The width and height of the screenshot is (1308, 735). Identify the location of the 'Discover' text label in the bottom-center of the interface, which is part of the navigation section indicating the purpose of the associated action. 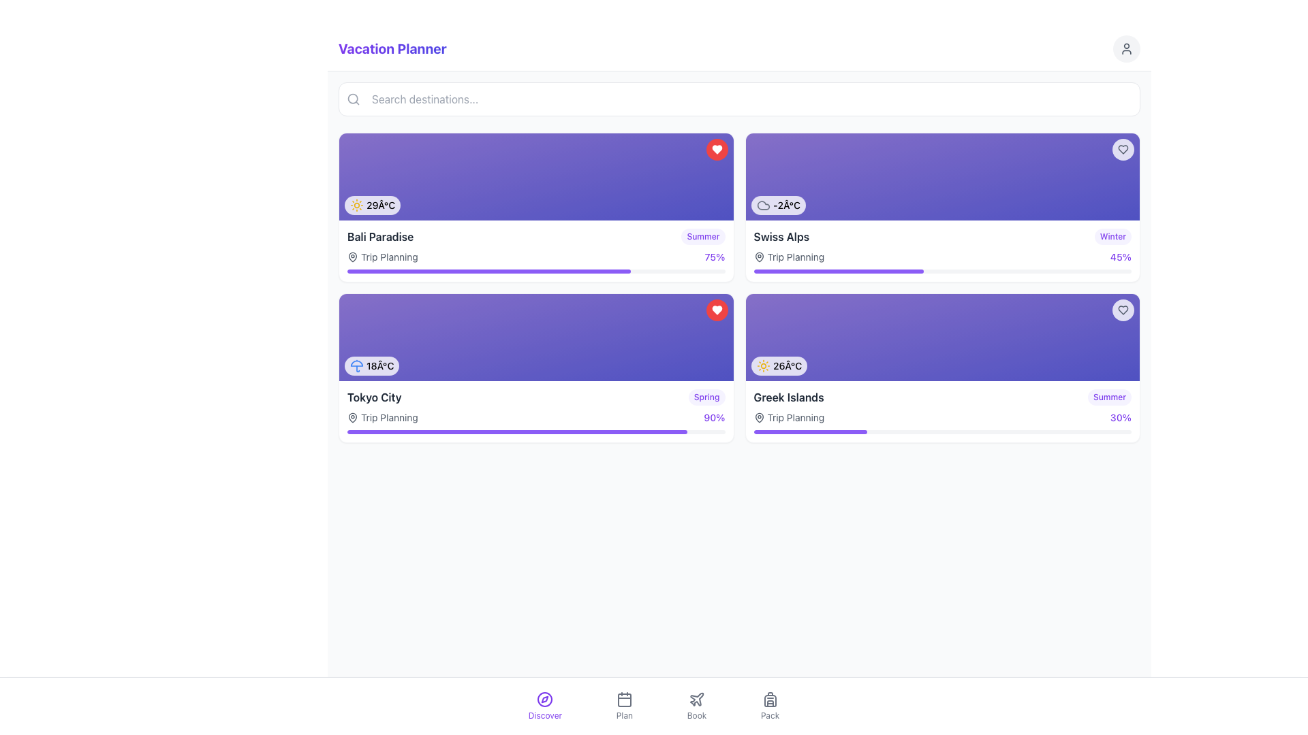
(545, 715).